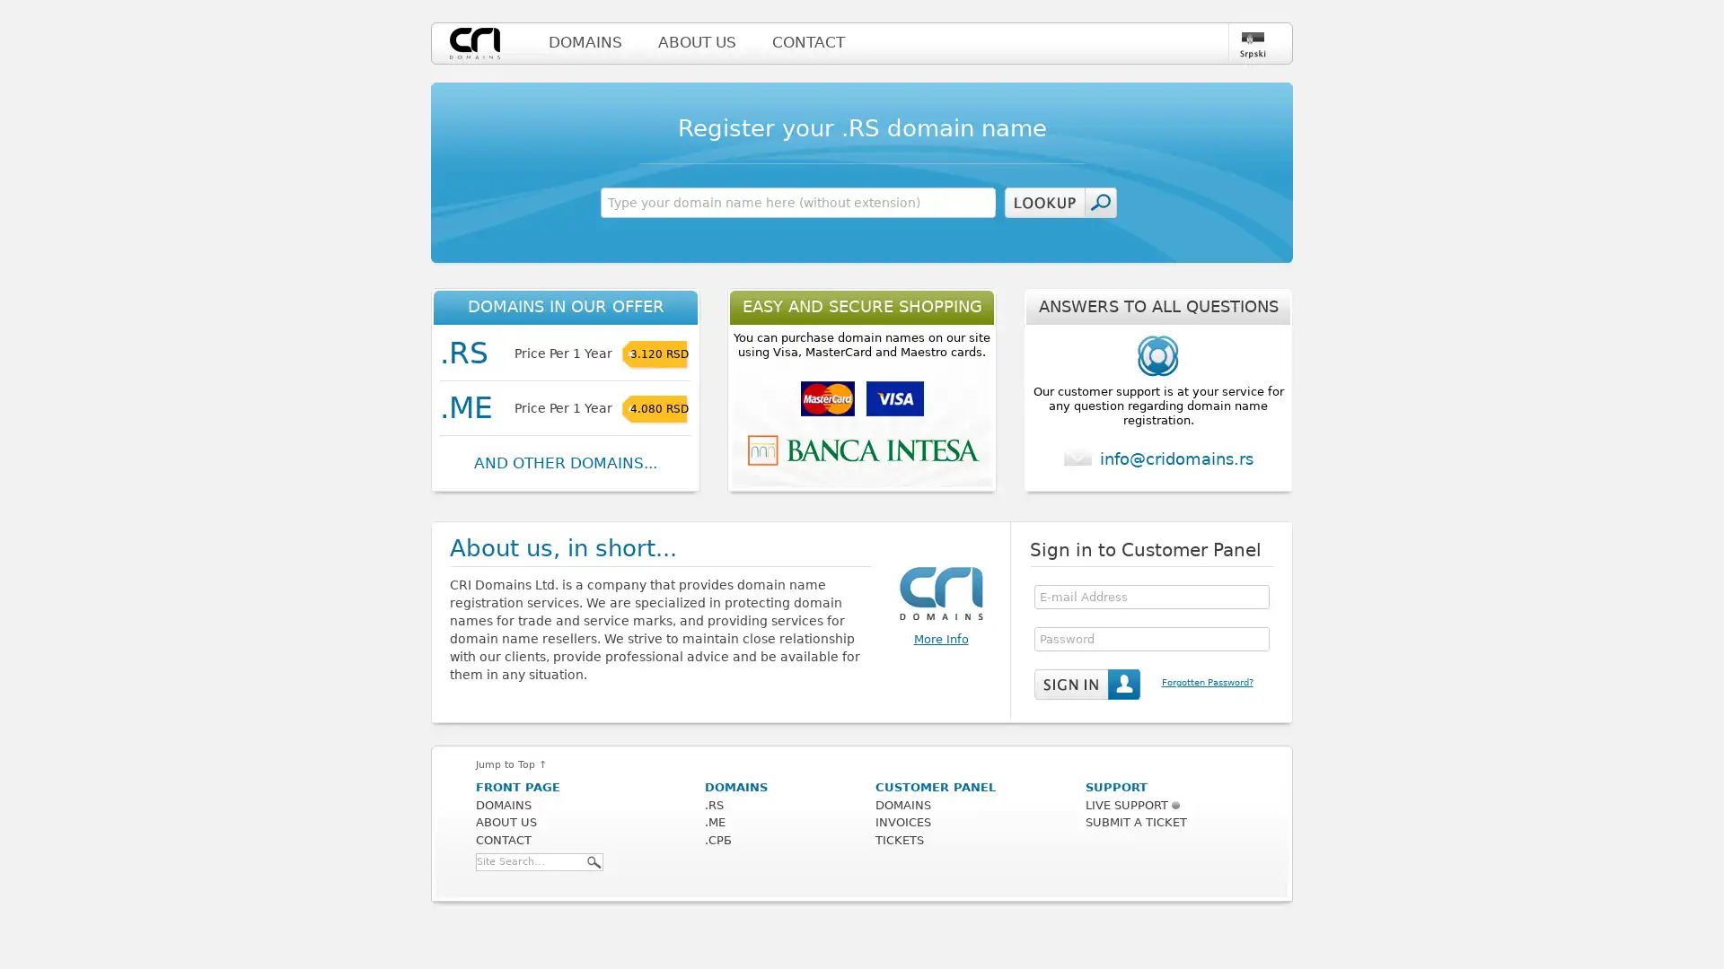 Image resolution: width=1724 pixels, height=969 pixels. What do you see at coordinates (1086, 685) in the screenshot?
I see `Sign in` at bounding box center [1086, 685].